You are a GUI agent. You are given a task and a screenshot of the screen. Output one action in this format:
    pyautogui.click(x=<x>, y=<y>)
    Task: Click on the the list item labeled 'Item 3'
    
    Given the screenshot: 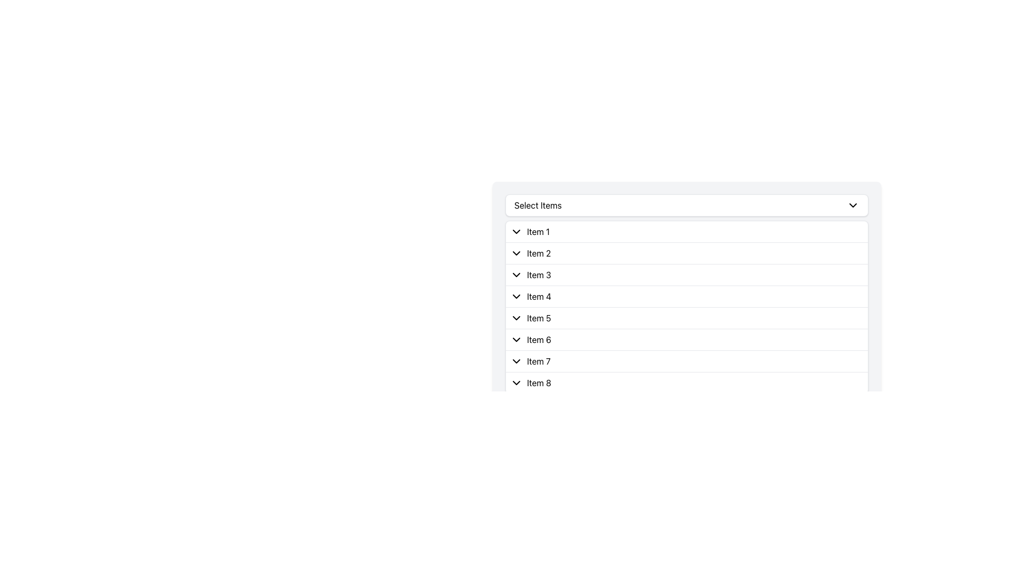 What is the action you would take?
    pyautogui.click(x=530, y=274)
    